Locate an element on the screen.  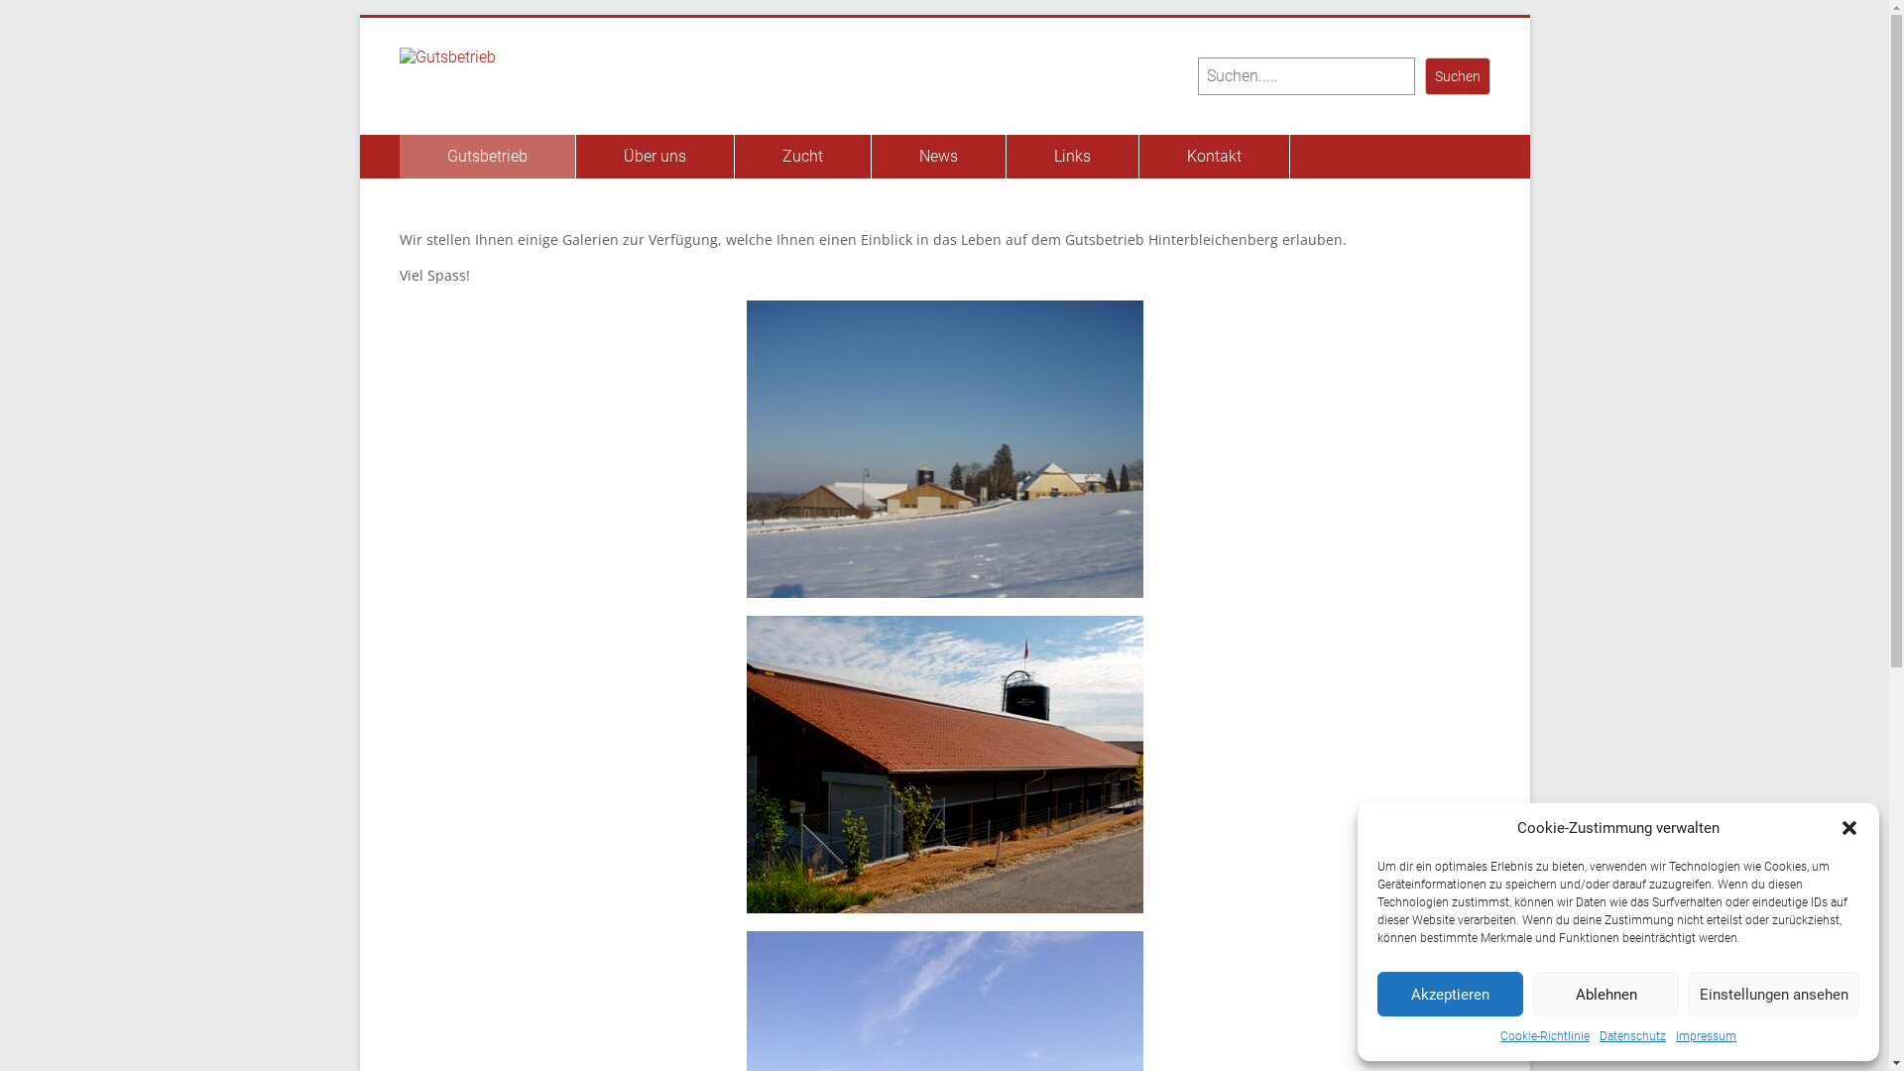
'Kontakt' is located at coordinates (1137, 156).